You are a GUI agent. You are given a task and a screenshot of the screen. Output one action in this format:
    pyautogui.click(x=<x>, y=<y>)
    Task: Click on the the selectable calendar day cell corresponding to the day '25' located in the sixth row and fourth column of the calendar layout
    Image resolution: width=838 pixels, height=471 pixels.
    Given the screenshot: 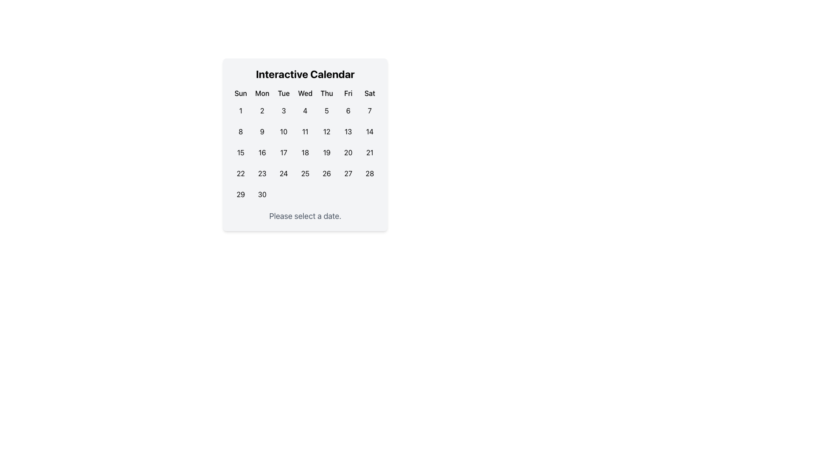 What is the action you would take?
    pyautogui.click(x=305, y=173)
    